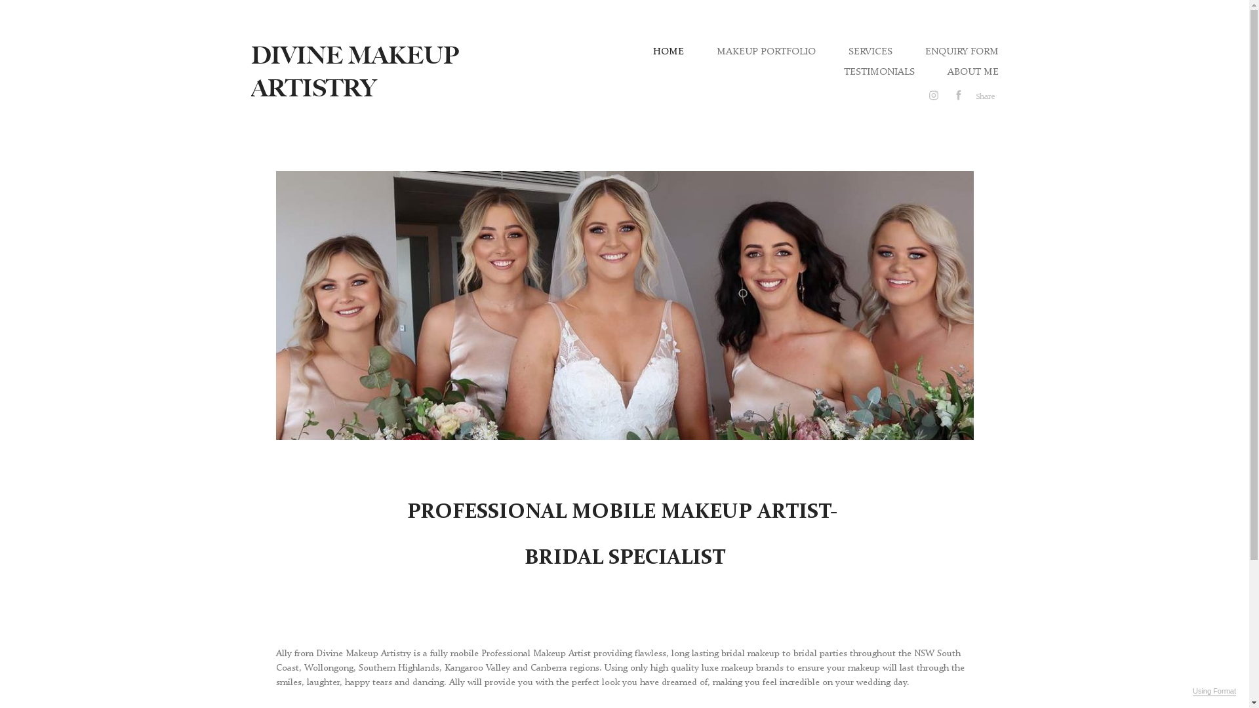 This screenshot has height=708, width=1259. What do you see at coordinates (1214, 691) in the screenshot?
I see `'Using Format'` at bounding box center [1214, 691].